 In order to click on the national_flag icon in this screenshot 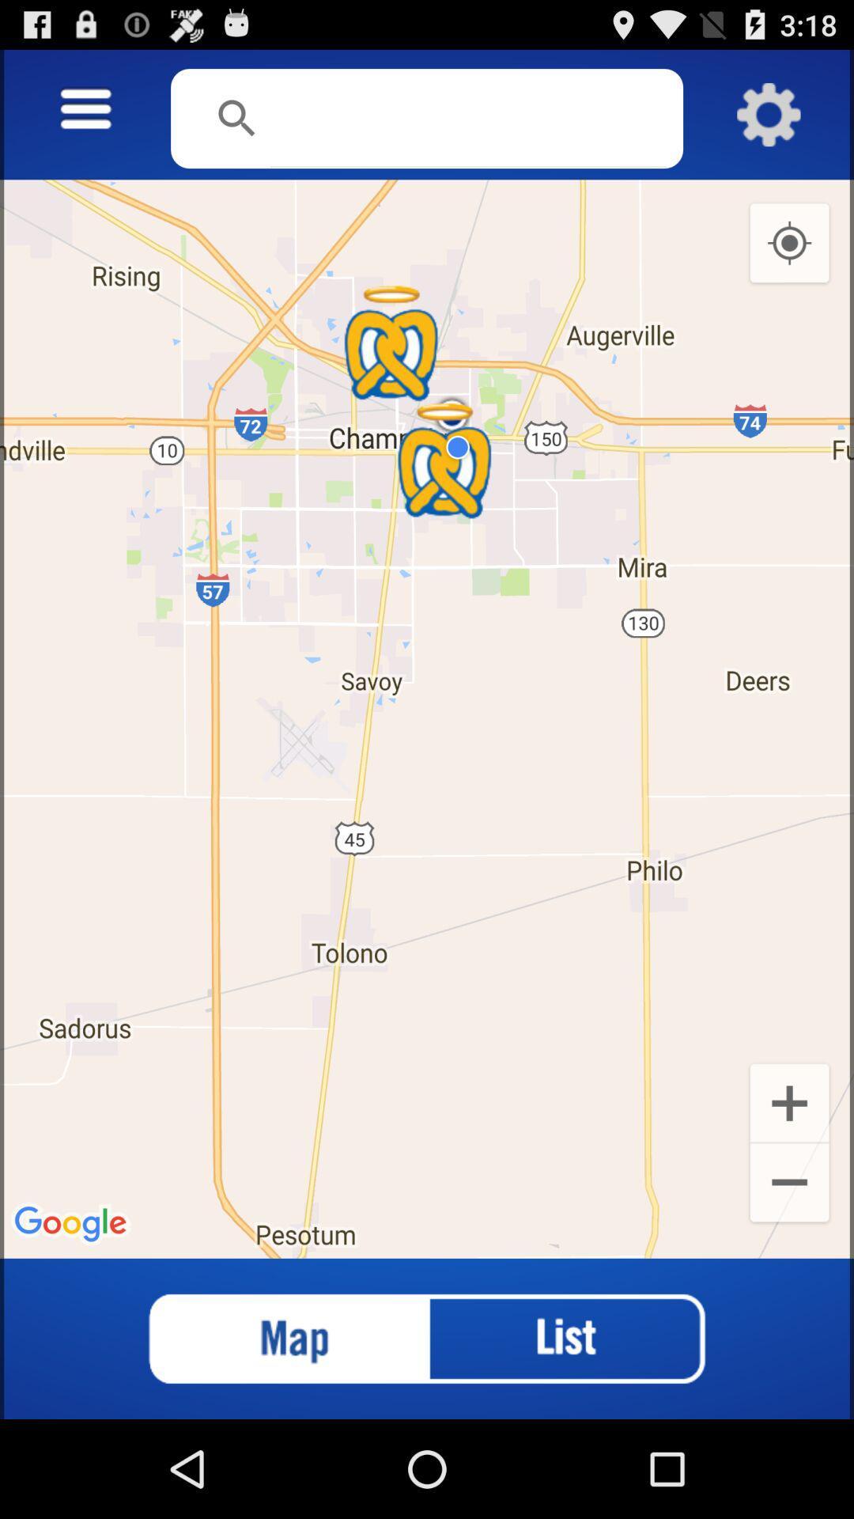, I will do `click(274, 1433)`.